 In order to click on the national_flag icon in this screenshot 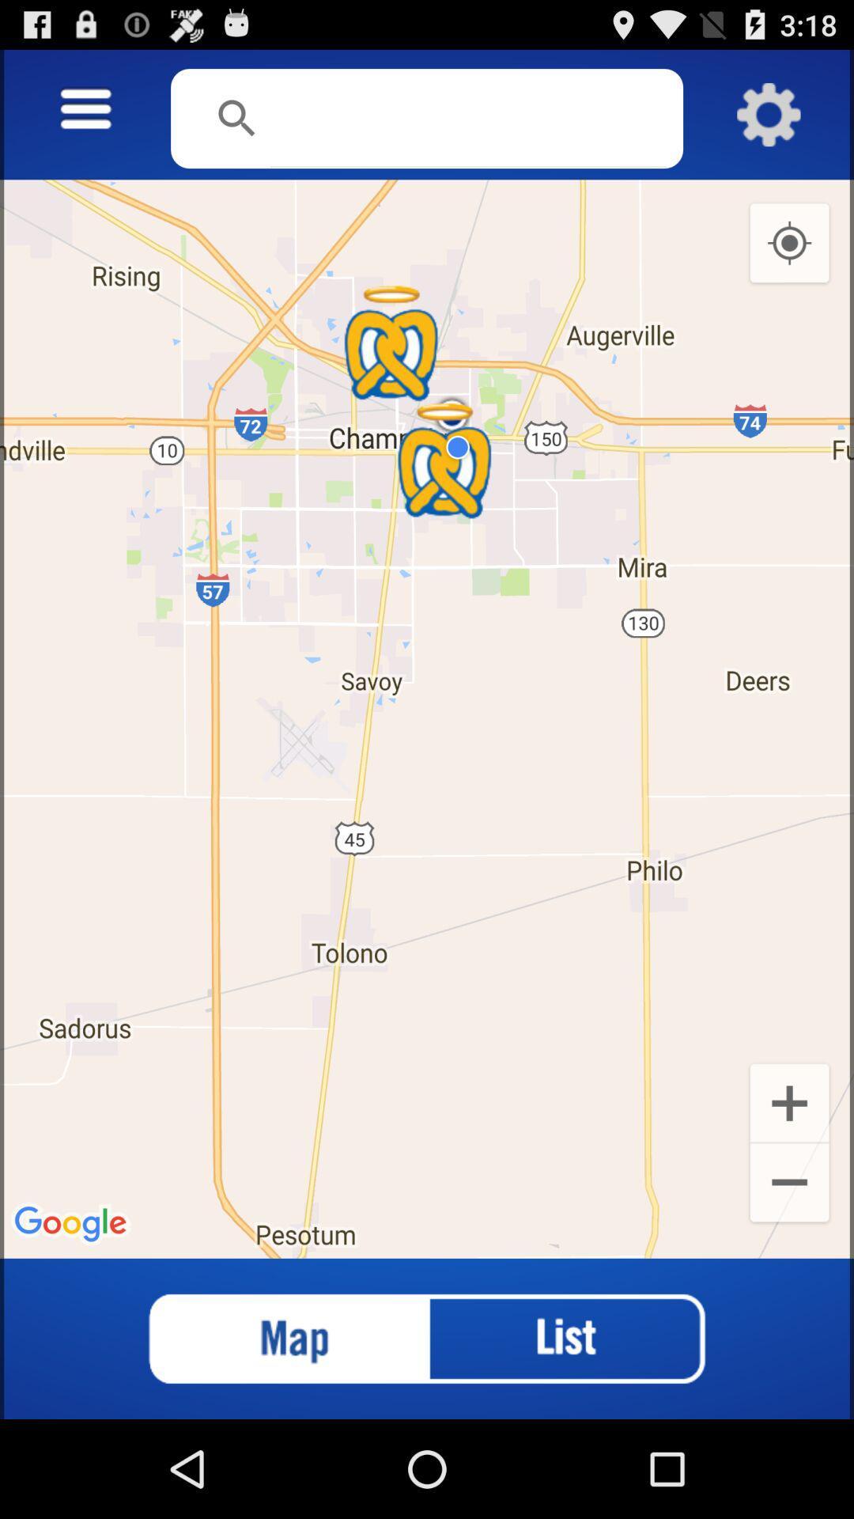, I will do `click(274, 1433)`.